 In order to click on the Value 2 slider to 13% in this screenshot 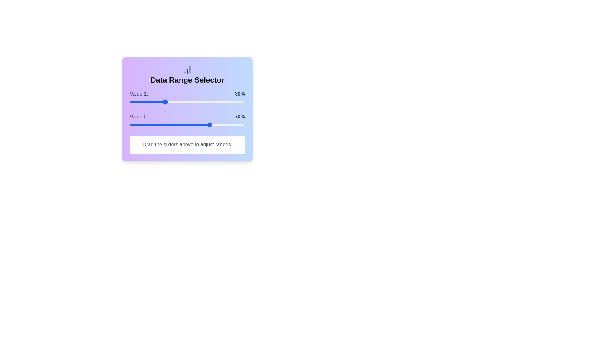, I will do `click(144, 124)`.